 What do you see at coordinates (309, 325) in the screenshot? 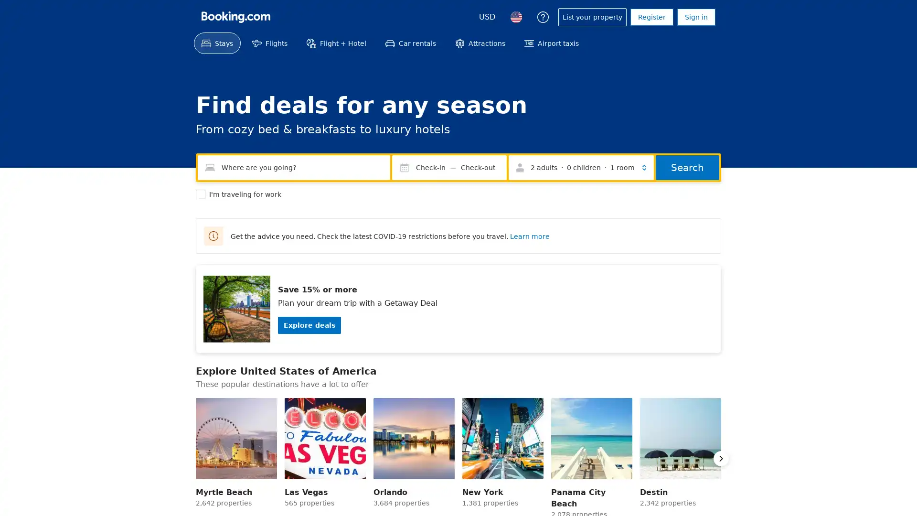
I see `Explore deals` at bounding box center [309, 325].